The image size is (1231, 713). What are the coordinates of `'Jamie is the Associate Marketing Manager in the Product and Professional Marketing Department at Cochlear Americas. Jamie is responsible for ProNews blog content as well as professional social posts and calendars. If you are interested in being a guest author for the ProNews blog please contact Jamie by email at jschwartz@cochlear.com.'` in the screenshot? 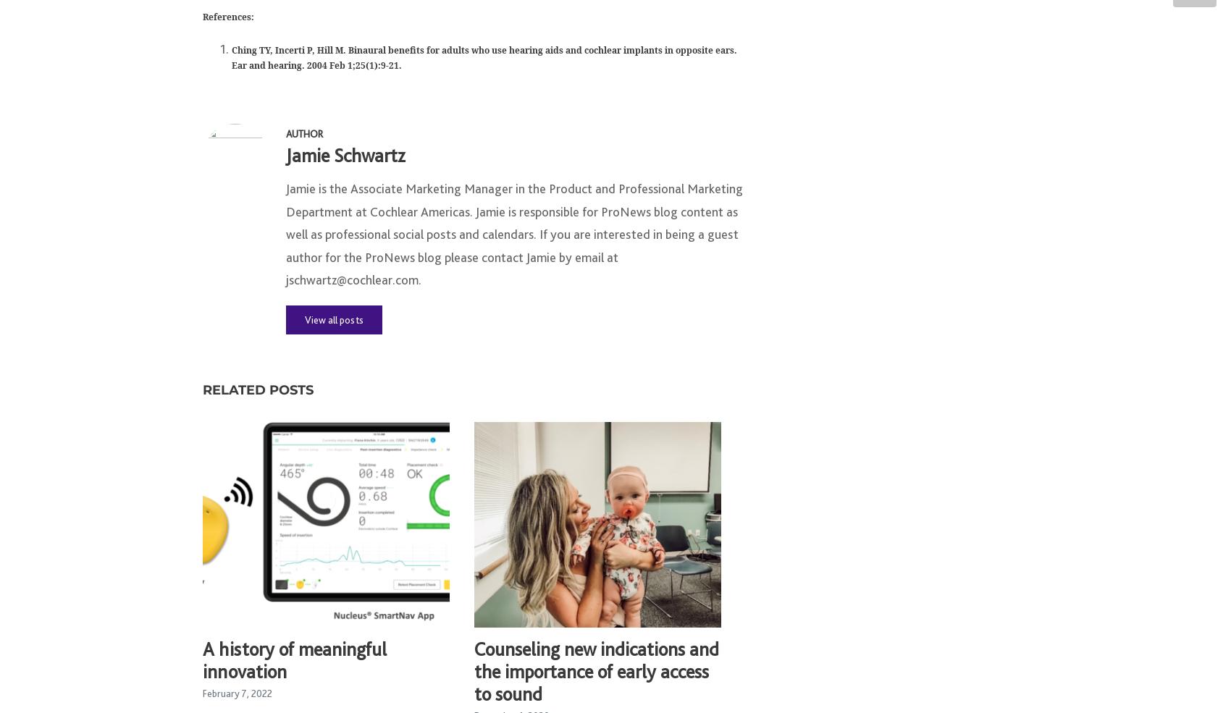 It's located at (514, 241).